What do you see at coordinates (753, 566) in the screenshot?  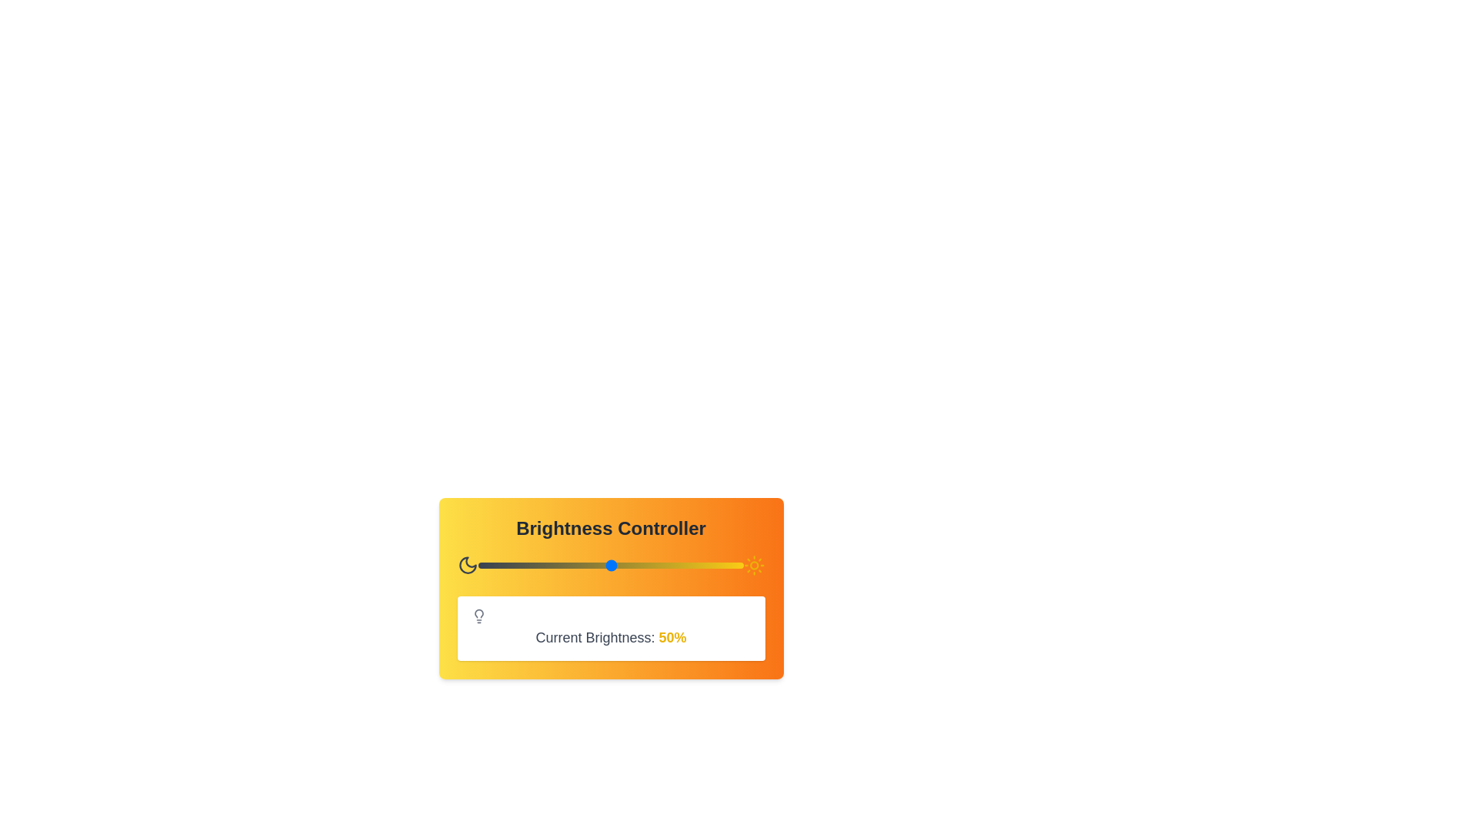 I see `the sun icon to display its tooltip or effect` at bounding box center [753, 566].